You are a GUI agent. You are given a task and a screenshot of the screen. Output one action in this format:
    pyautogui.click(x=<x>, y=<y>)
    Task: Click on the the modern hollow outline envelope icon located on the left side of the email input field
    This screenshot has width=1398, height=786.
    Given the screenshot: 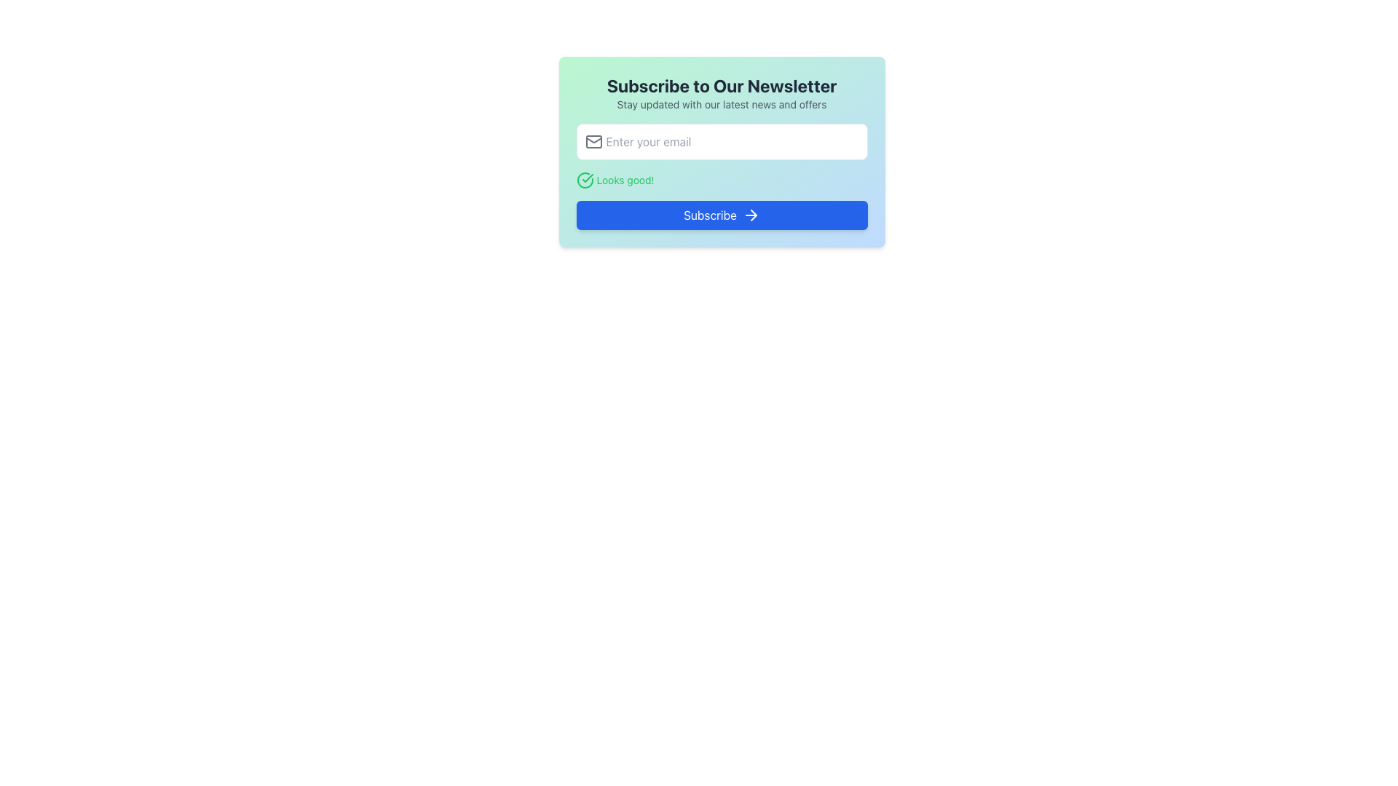 What is the action you would take?
    pyautogui.click(x=593, y=142)
    